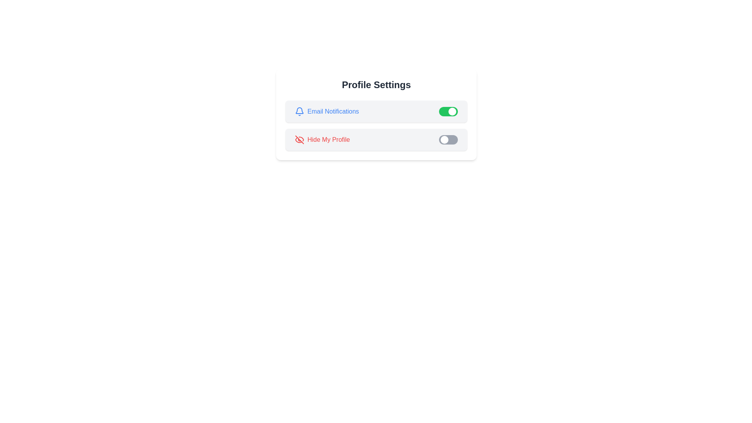 This screenshot has height=423, width=752. Describe the element at coordinates (322, 139) in the screenshot. I see `the label with icon indicating visibility preferences in the Profile Settings card, located to the left of the toggle switch` at that location.